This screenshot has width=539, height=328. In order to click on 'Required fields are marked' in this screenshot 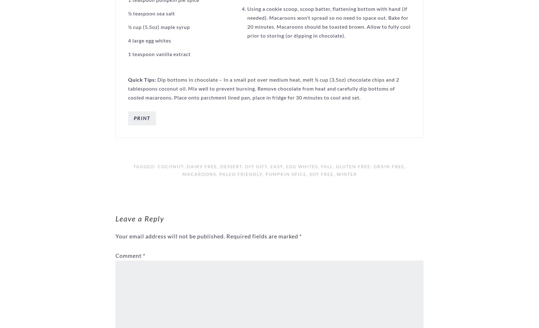, I will do `click(263, 236)`.